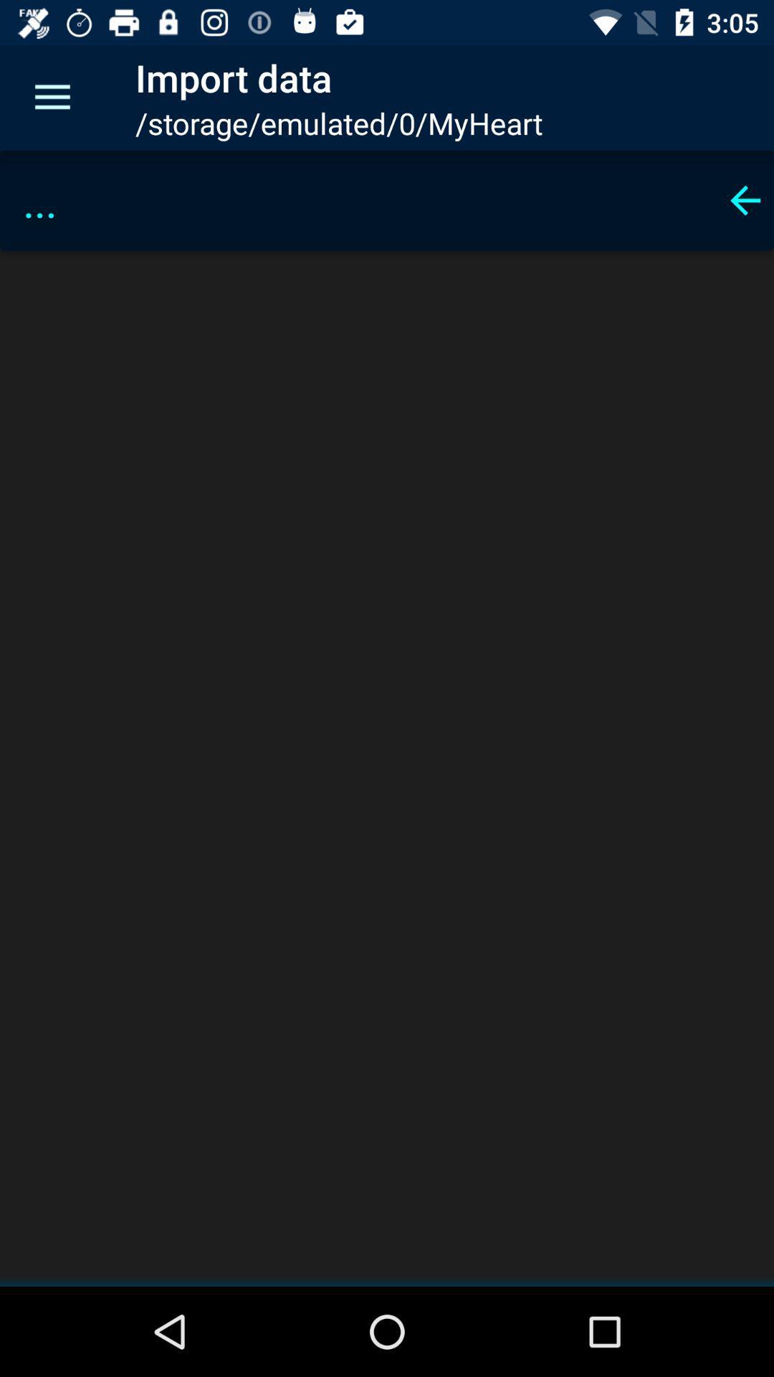 The width and height of the screenshot is (774, 1377). Describe the element at coordinates (745, 199) in the screenshot. I see `the icon at the top right corner` at that location.